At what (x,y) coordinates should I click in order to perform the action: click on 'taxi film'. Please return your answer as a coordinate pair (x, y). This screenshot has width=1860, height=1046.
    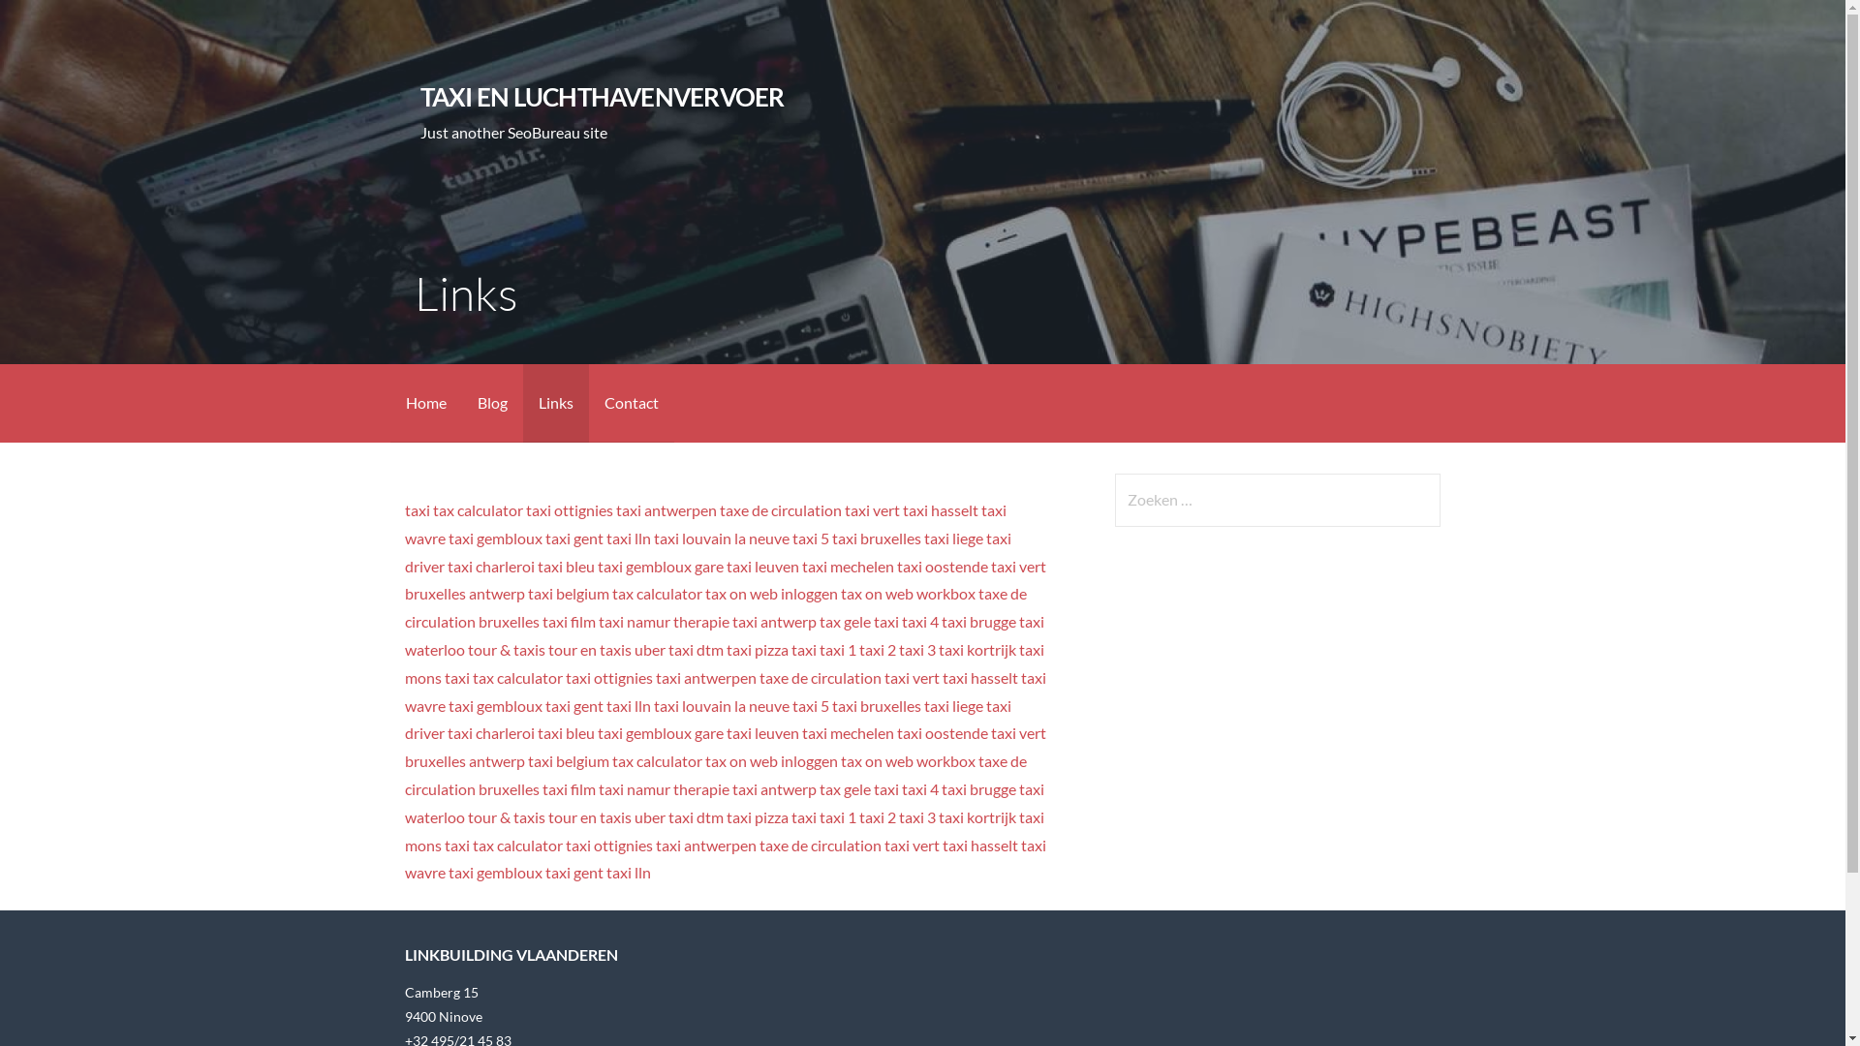
    Looking at the image, I should click on (568, 621).